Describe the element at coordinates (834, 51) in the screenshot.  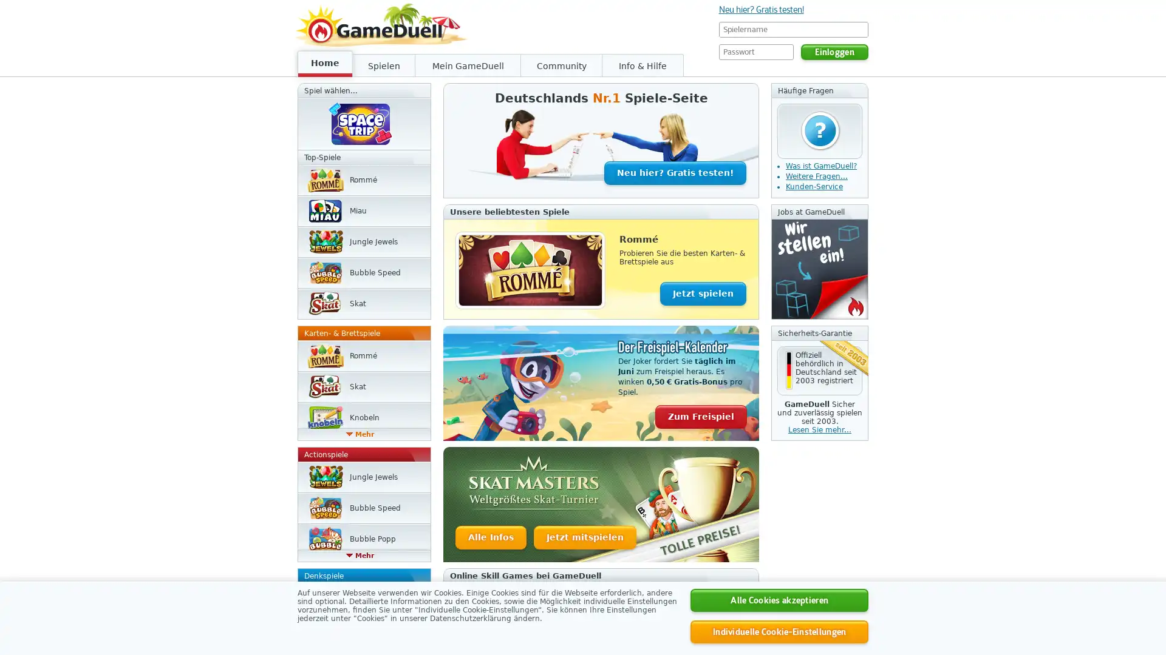
I see `Einloggen` at that location.